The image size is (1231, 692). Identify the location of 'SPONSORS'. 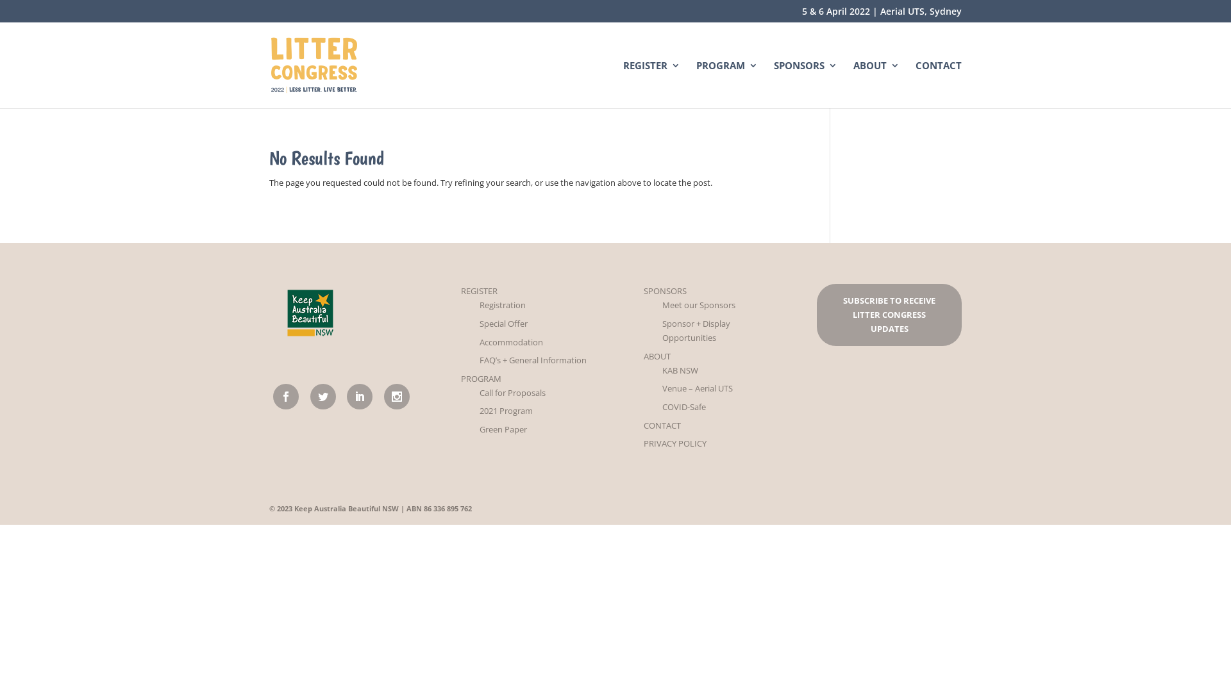
(805, 84).